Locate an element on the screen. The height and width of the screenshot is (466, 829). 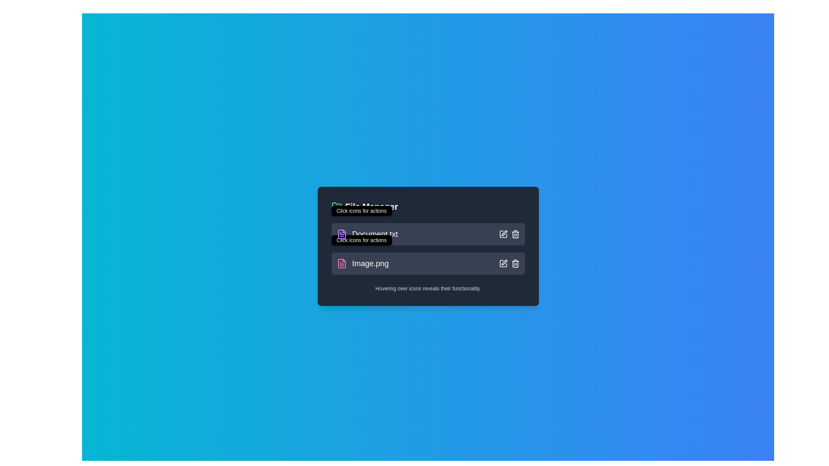
the edit icon is located at coordinates (503, 262).